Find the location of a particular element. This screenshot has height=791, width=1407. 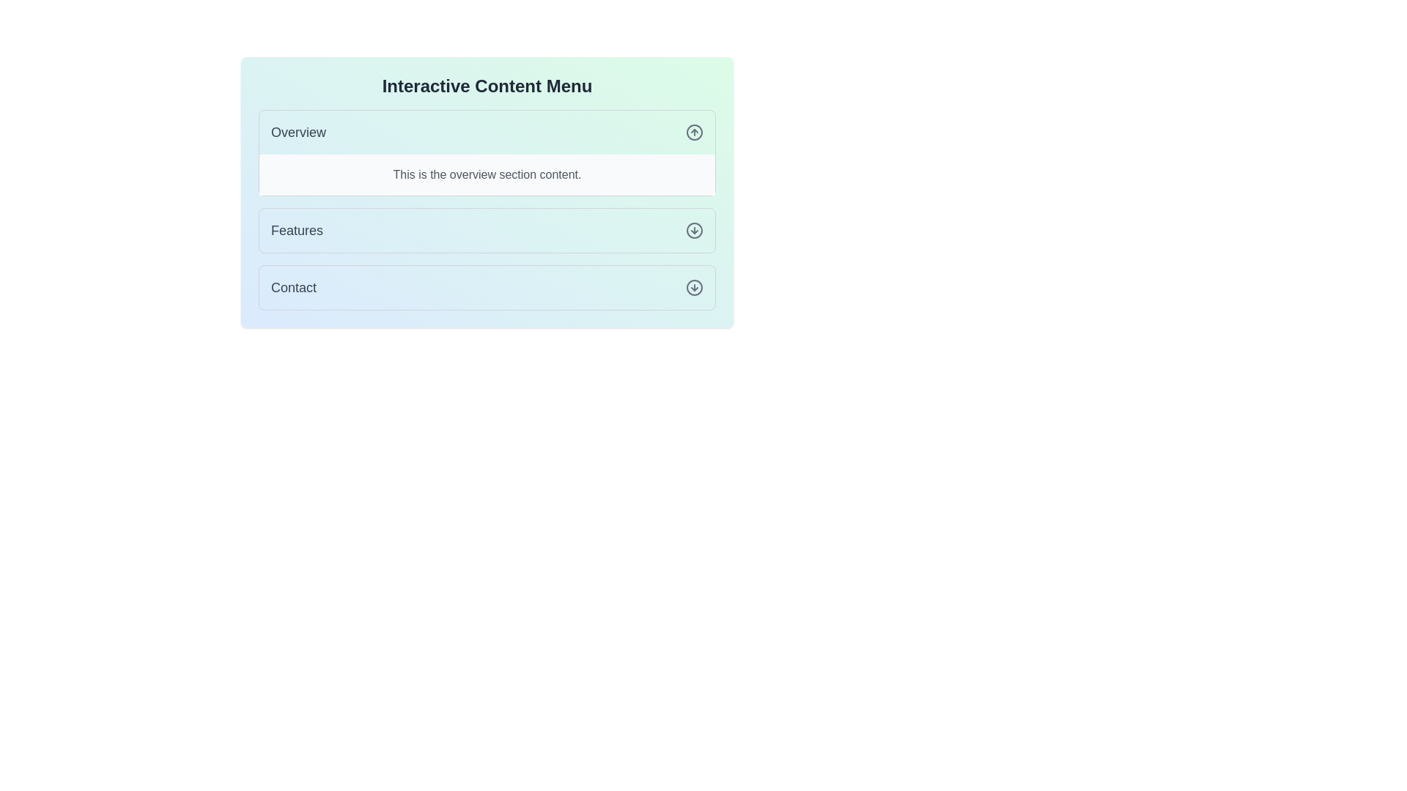

the button that collapses or expands the 'Overview' section in the interactive menu is located at coordinates (694, 133).